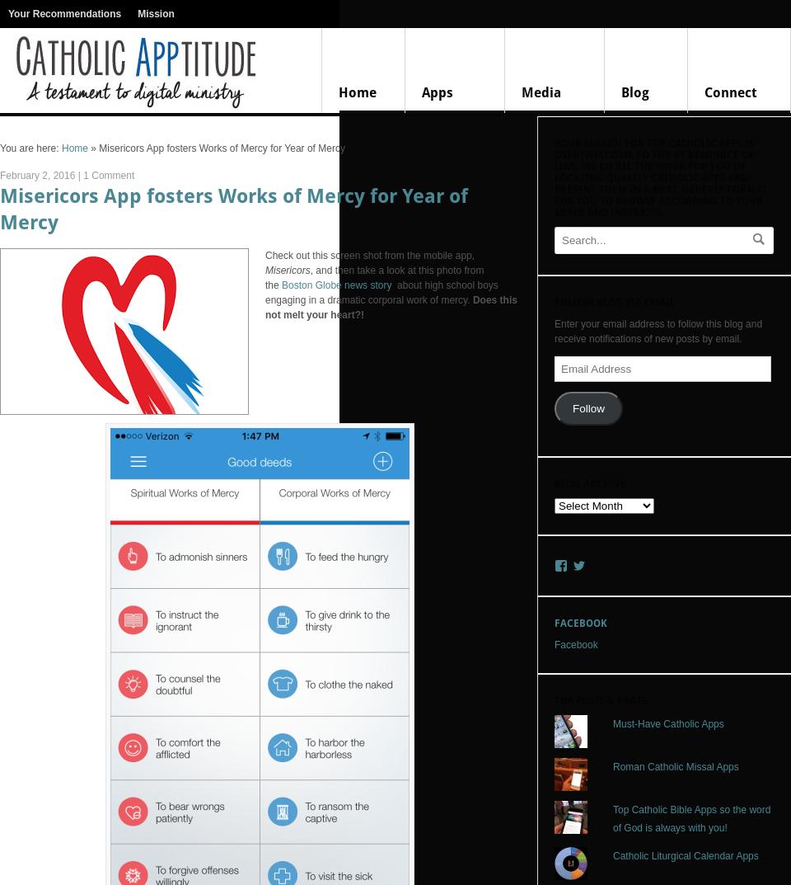 The image size is (791, 885). Describe the element at coordinates (730, 92) in the screenshot. I see `'Connect'` at that location.